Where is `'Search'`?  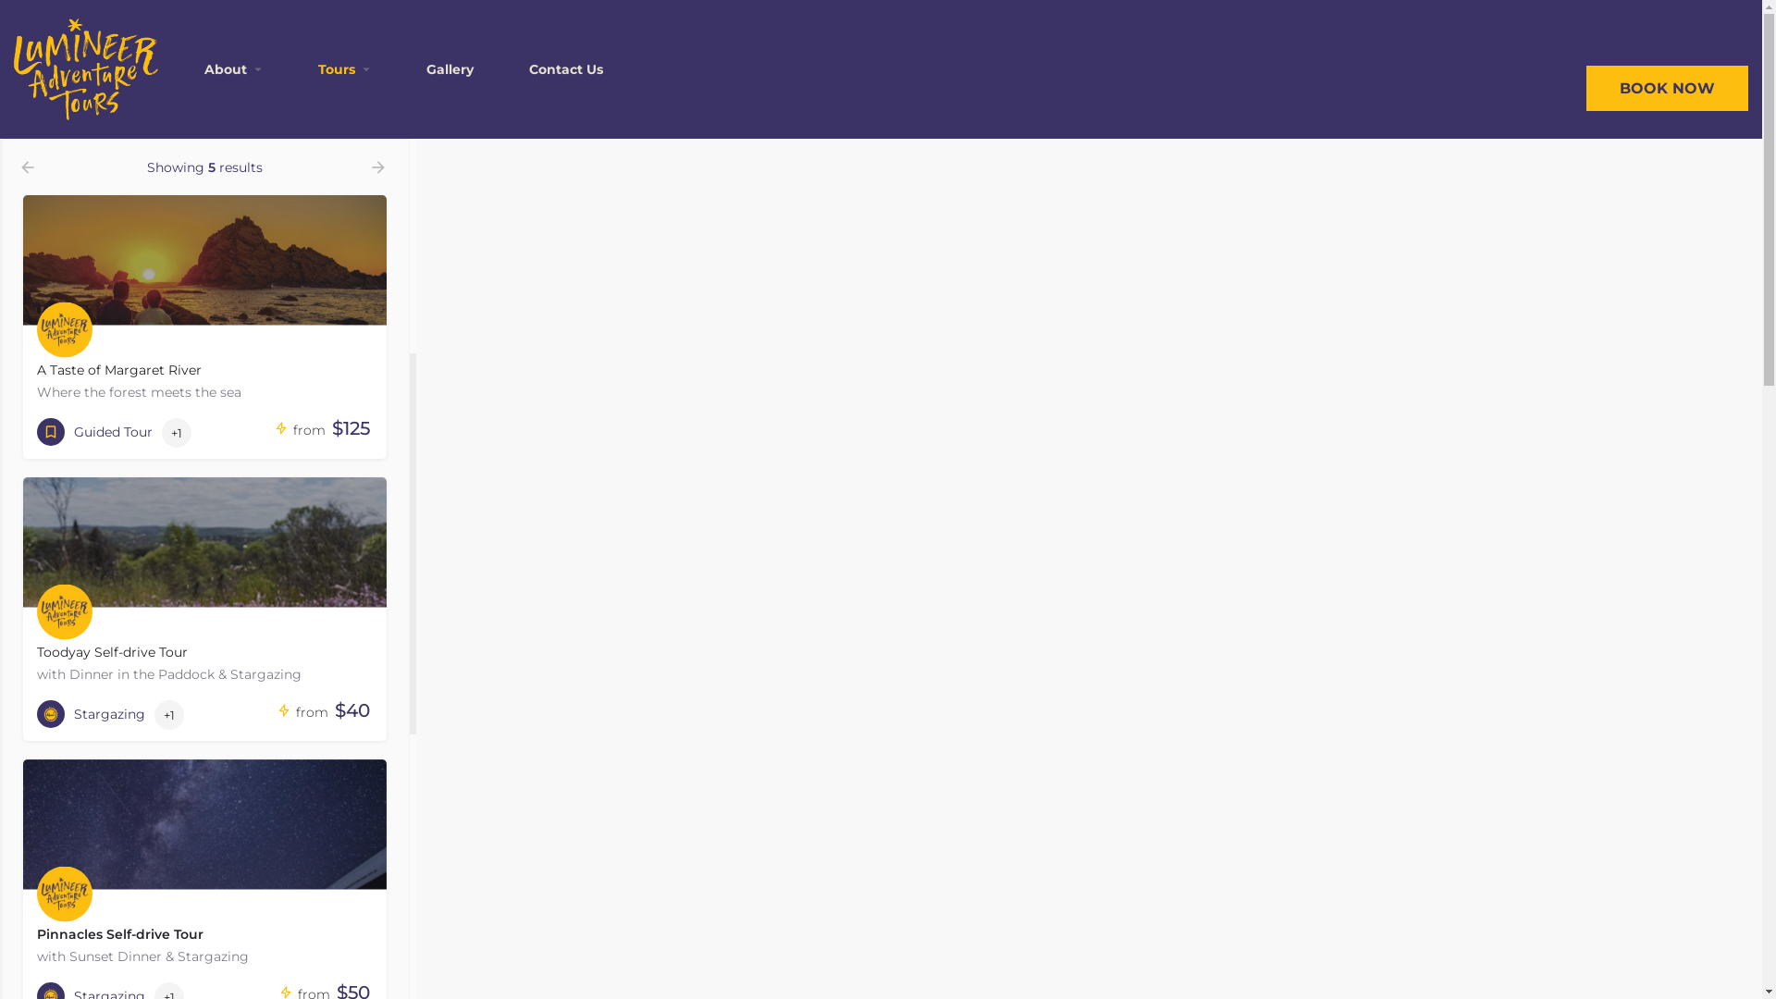
'Search' is located at coordinates (204, 43).